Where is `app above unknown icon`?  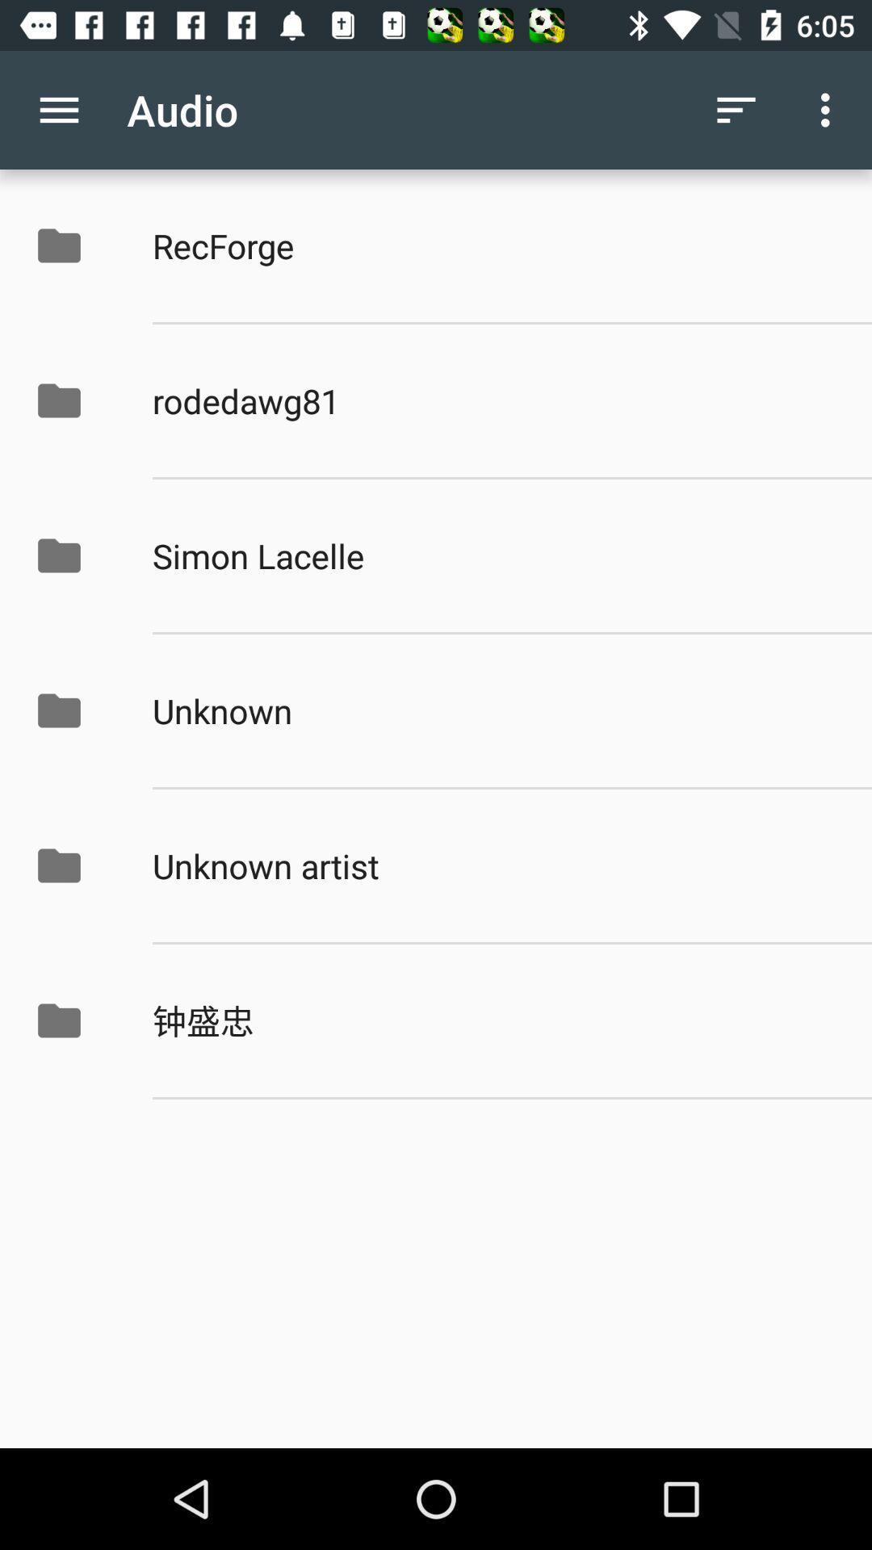 app above unknown icon is located at coordinates (494, 555).